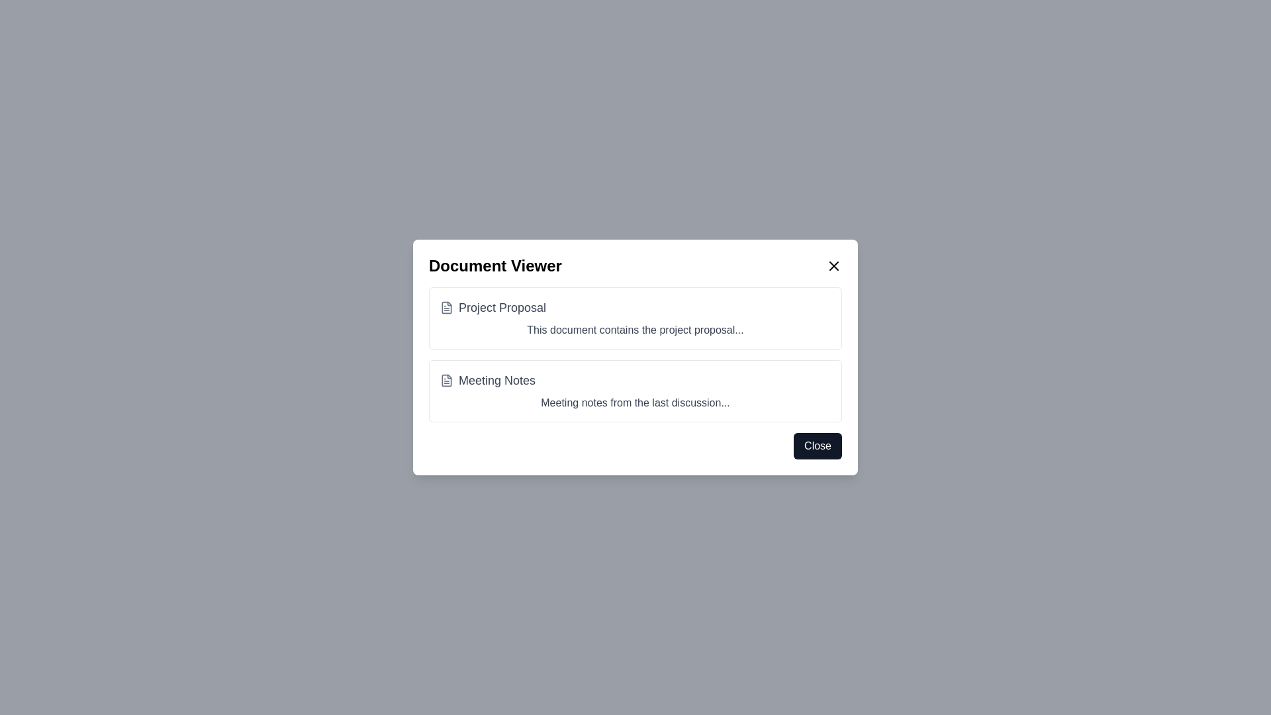 This screenshot has width=1271, height=715. I want to click on the text element displaying 'Meeting notes from the last discussion...' located in the secondary description section below the title 'Meeting Notes', so click(635, 403).